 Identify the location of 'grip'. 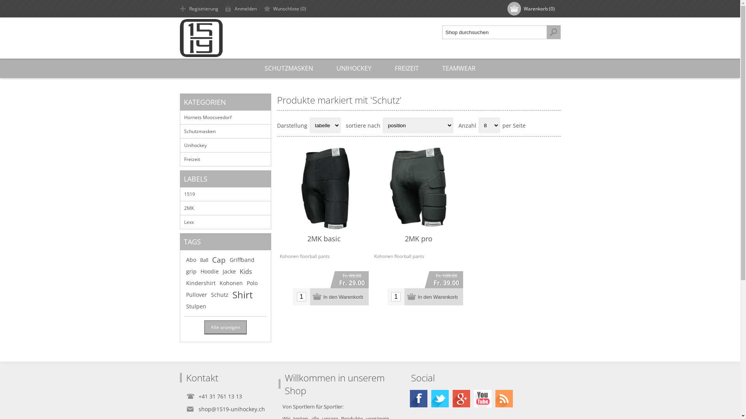
(191, 271).